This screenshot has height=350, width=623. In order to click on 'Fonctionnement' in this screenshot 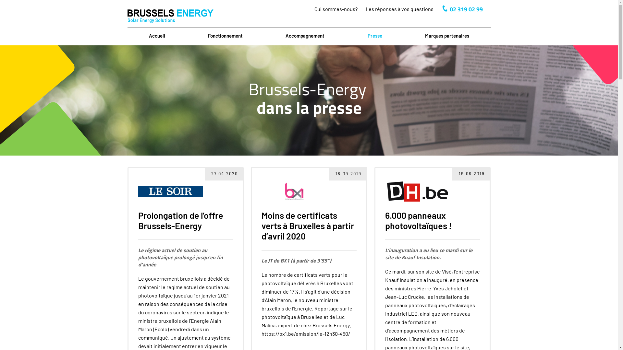, I will do `click(225, 36)`.